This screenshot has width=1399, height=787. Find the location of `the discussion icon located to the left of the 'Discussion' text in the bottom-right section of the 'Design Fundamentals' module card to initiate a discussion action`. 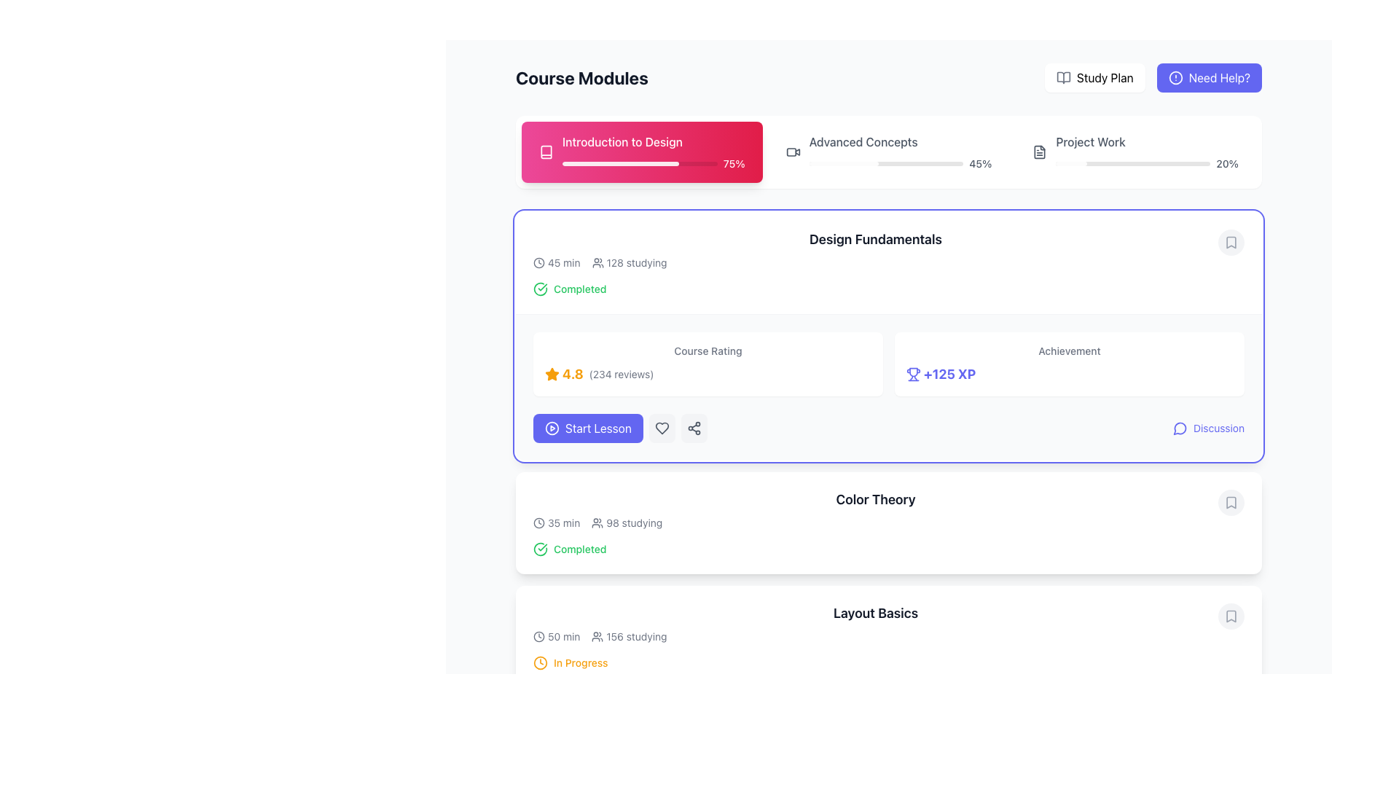

the discussion icon located to the left of the 'Discussion' text in the bottom-right section of the 'Design Fundamentals' module card to initiate a discussion action is located at coordinates (1180, 427).